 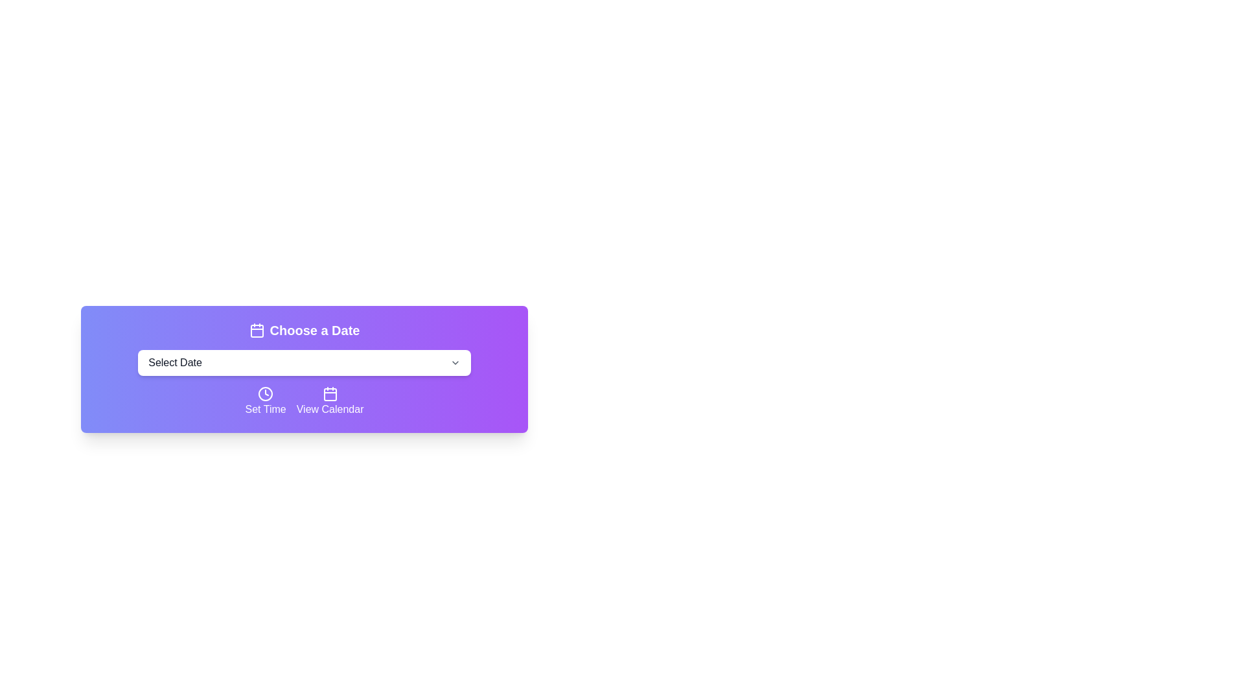 What do you see at coordinates (265, 401) in the screenshot?
I see `the 'Set Time' button located below a clock symbol in the 'Choose a Date' card` at bounding box center [265, 401].